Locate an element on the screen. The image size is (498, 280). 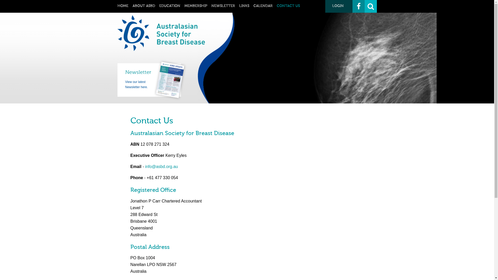
'CALENDAR' is located at coordinates (253, 6).